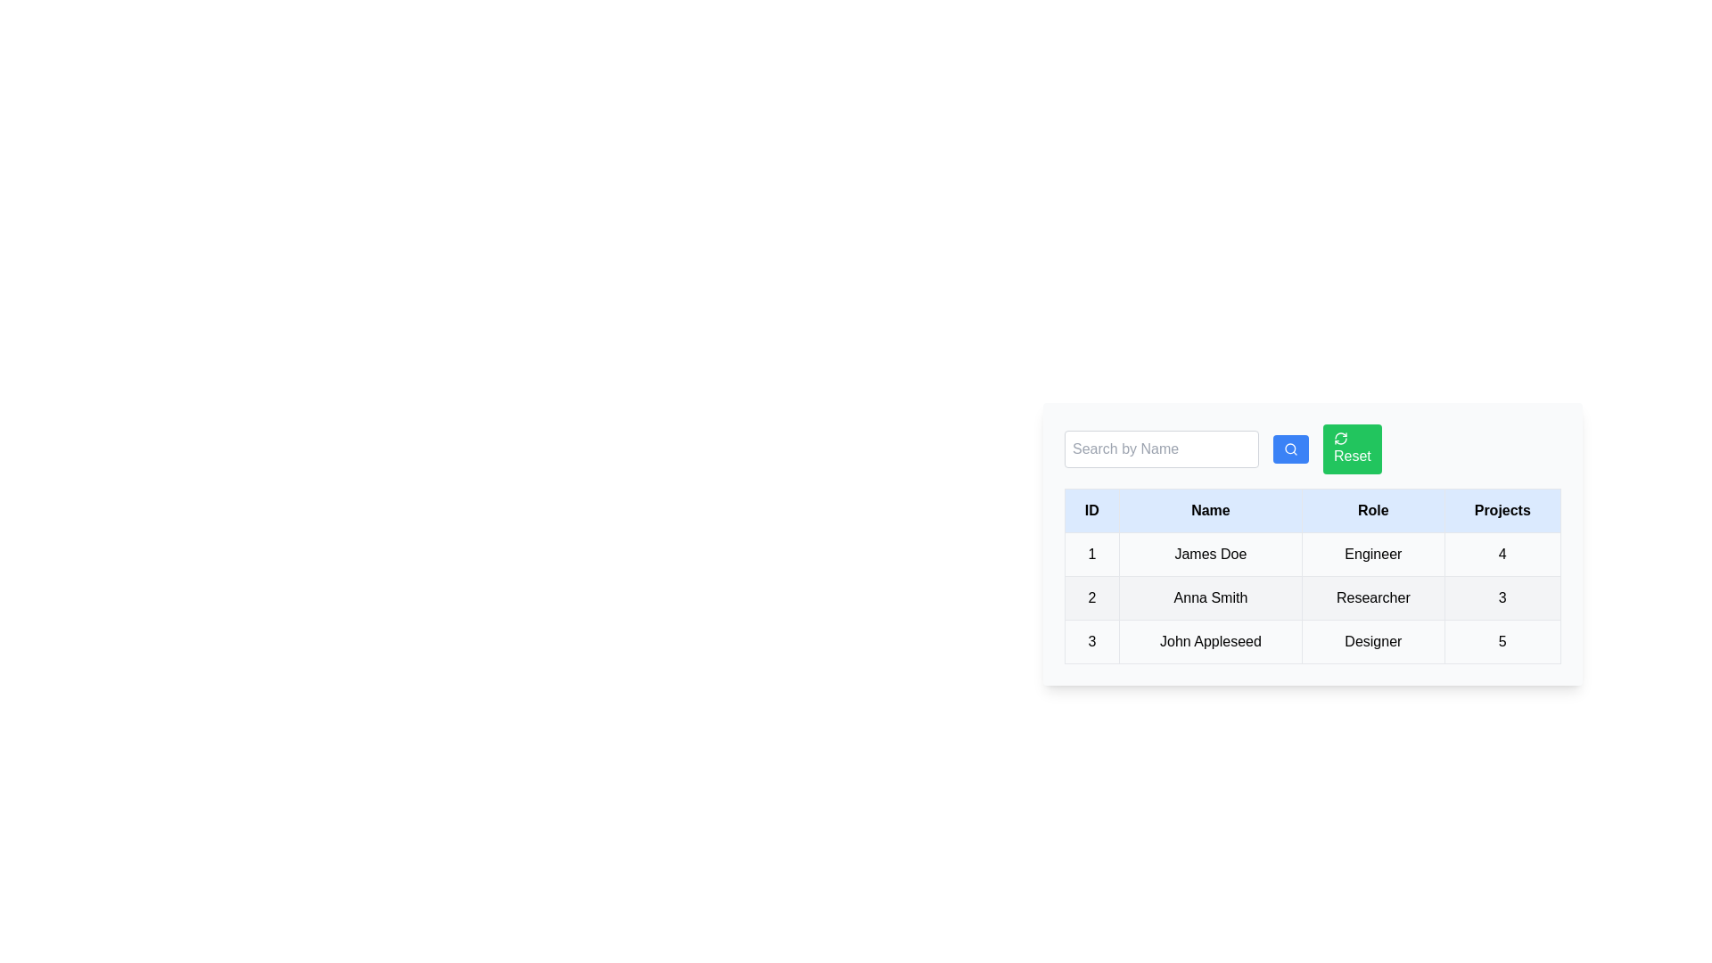 The image size is (1712, 963). I want to click on the search input field to focus on it, so click(1161, 449).